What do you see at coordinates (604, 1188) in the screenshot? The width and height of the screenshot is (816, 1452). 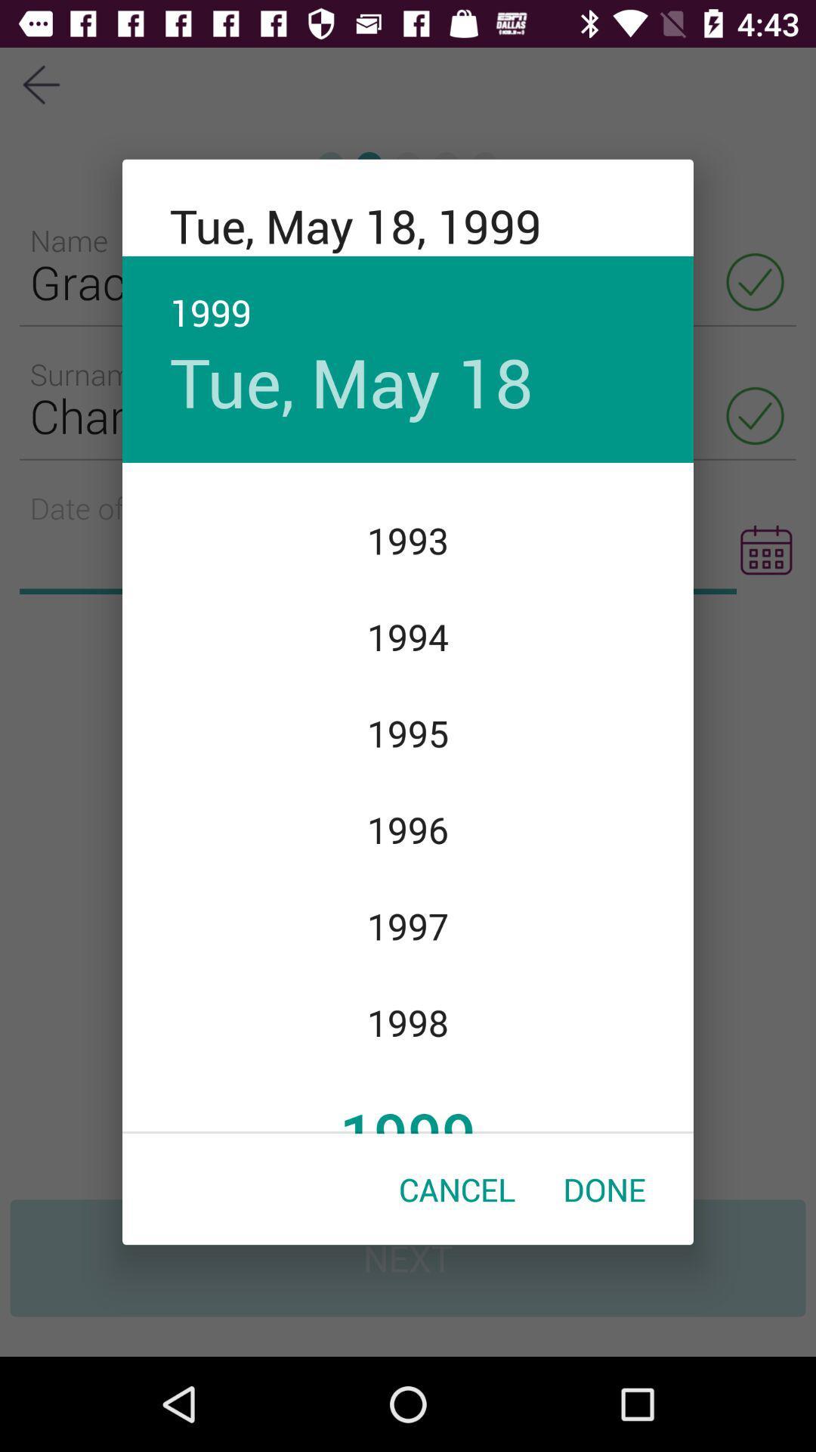 I see `the icon below the 1999 item` at bounding box center [604, 1188].